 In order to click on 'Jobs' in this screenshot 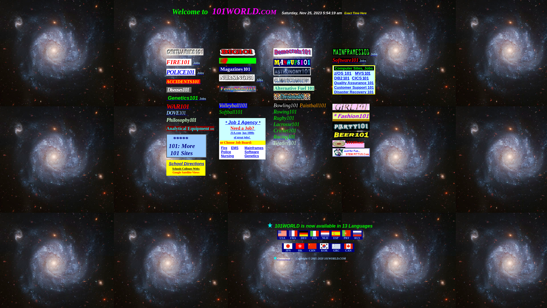, I will do `click(196, 62)`.